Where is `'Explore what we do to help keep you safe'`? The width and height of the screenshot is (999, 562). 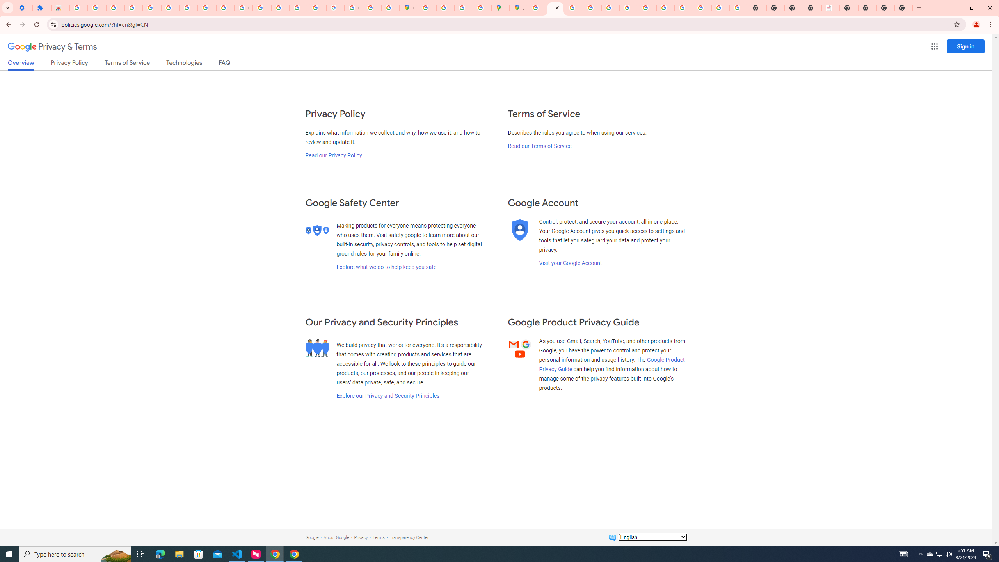 'Explore what we do to help keep you safe' is located at coordinates (386, 267).